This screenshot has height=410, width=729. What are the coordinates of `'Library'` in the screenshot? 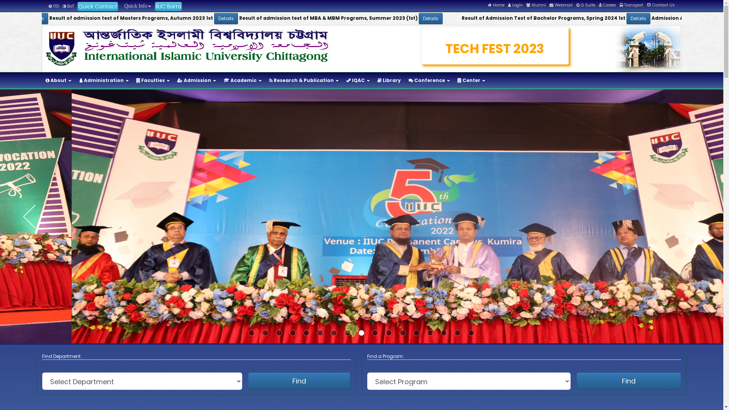 It's located at (389, 80).